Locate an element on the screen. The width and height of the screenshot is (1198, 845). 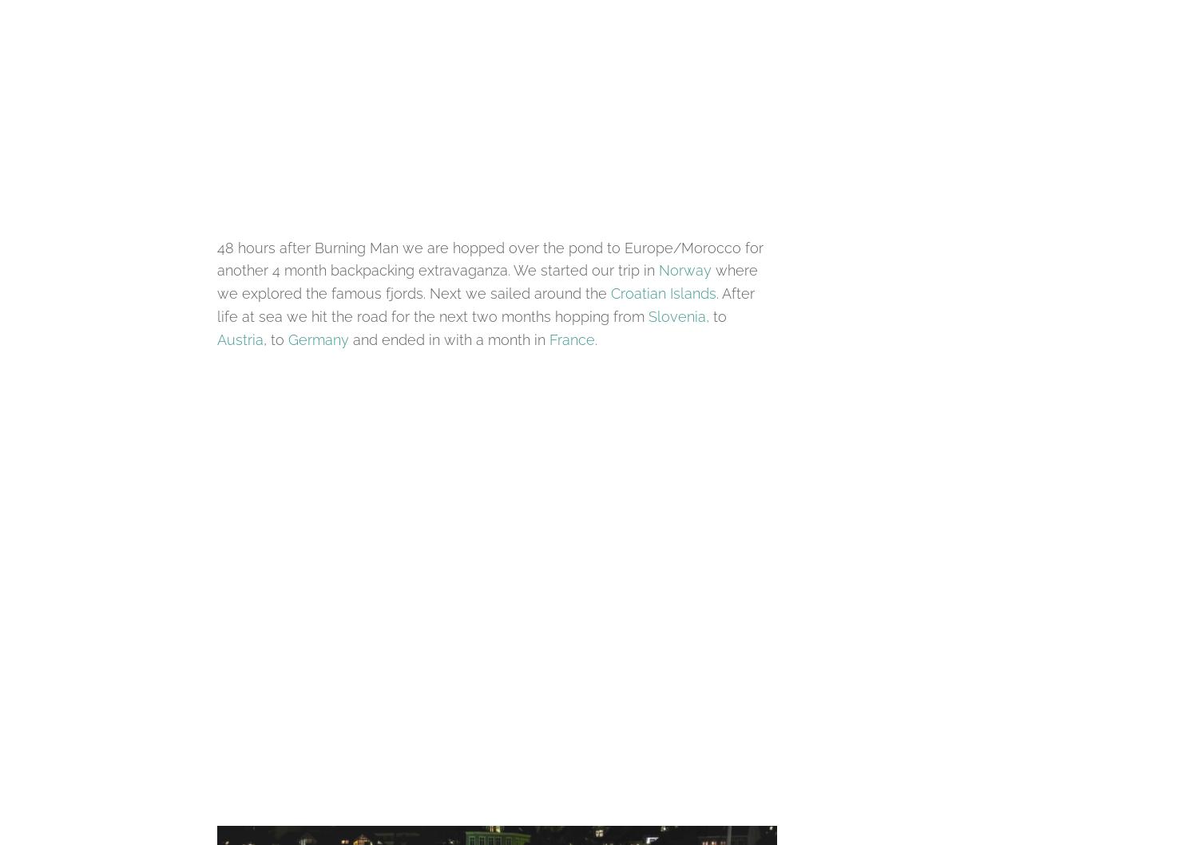
'. After life at sea we hit the road for the next two months hopping from' is located at coordinates (485, 305).